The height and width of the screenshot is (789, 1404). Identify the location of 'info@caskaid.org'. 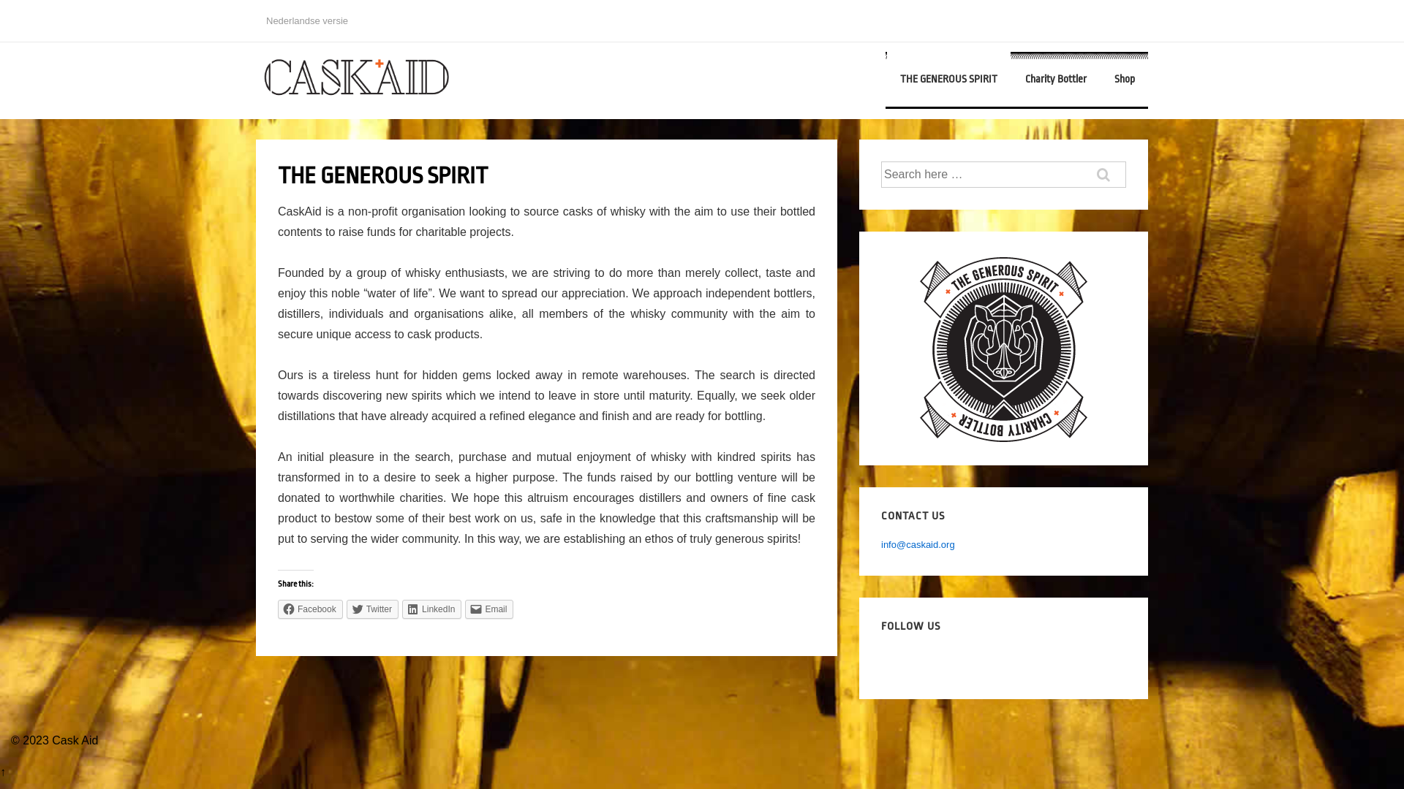
(917, 544).